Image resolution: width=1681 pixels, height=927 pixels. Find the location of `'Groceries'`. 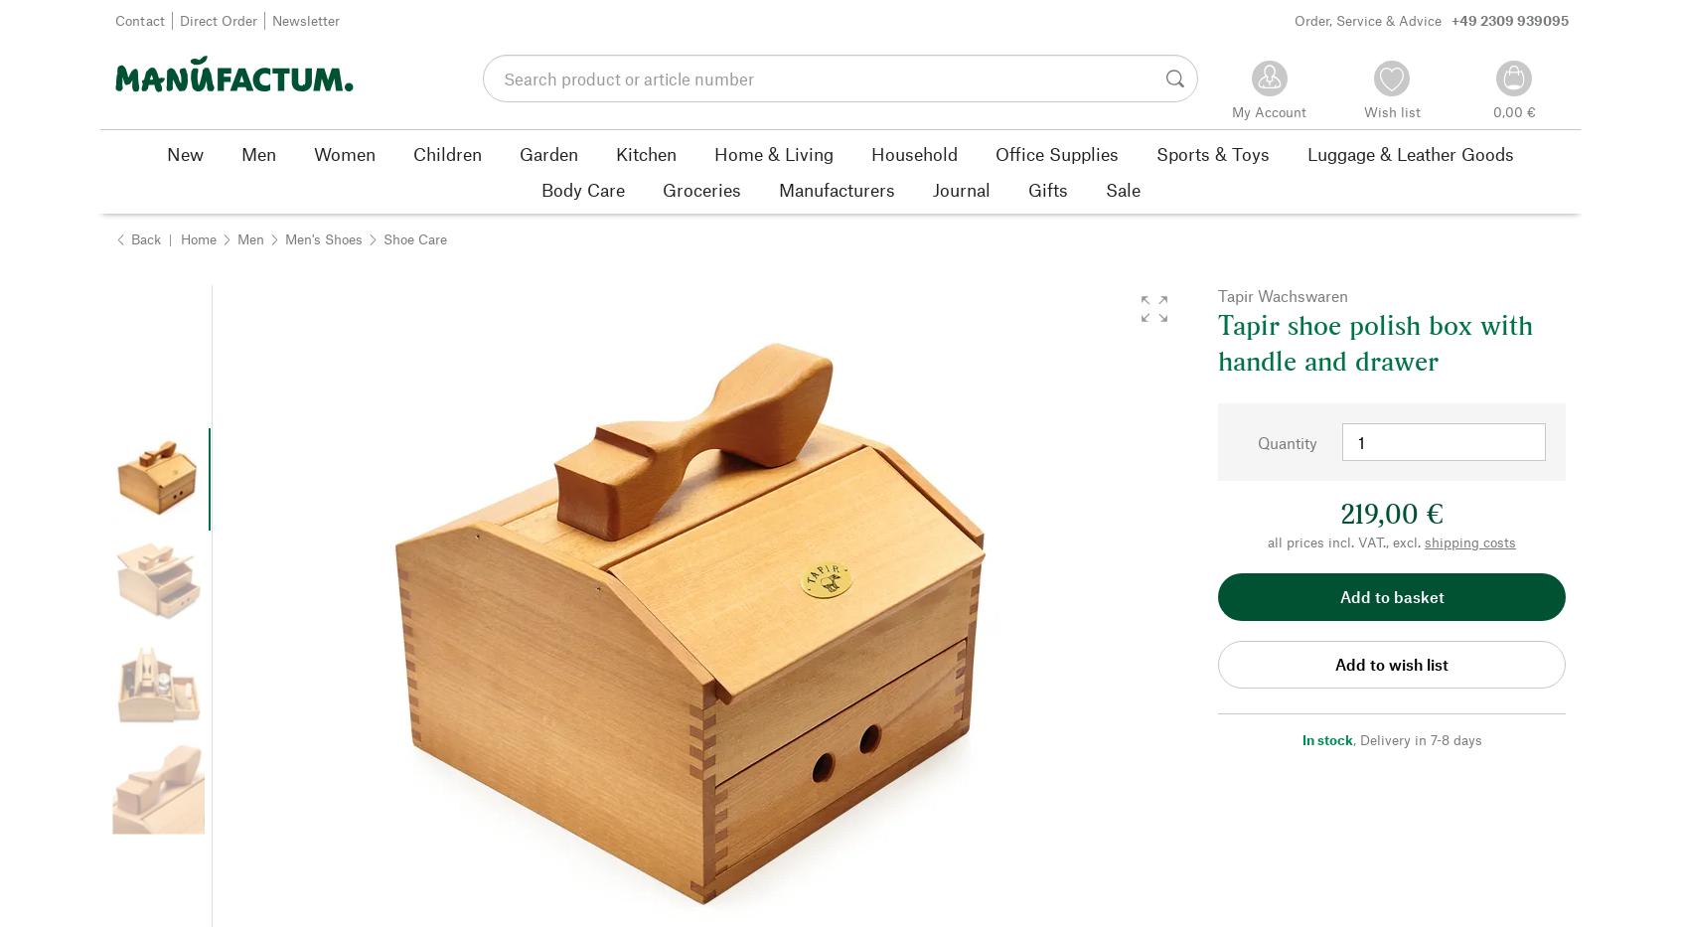

'Groceries' is located at coordinates (700, 188).